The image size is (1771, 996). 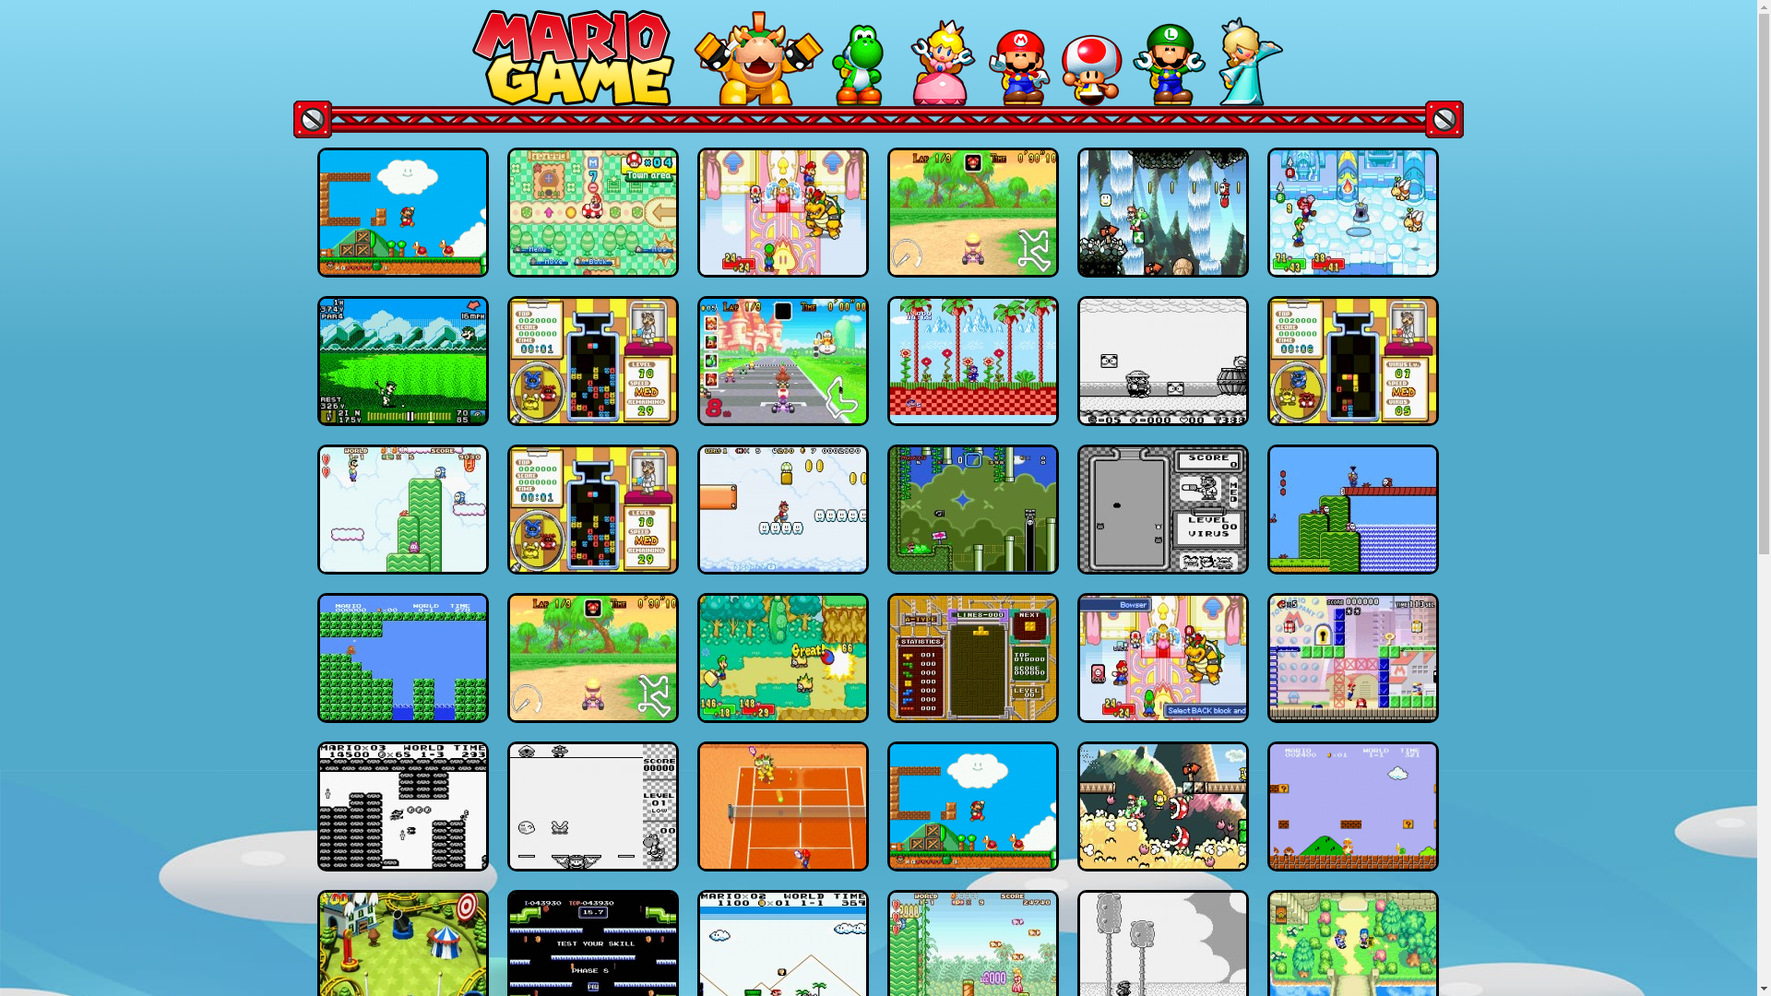 I want to click on 'Super Mario Advance: Super Mario USA & Mario Brothers', so click(x=889, y=953).